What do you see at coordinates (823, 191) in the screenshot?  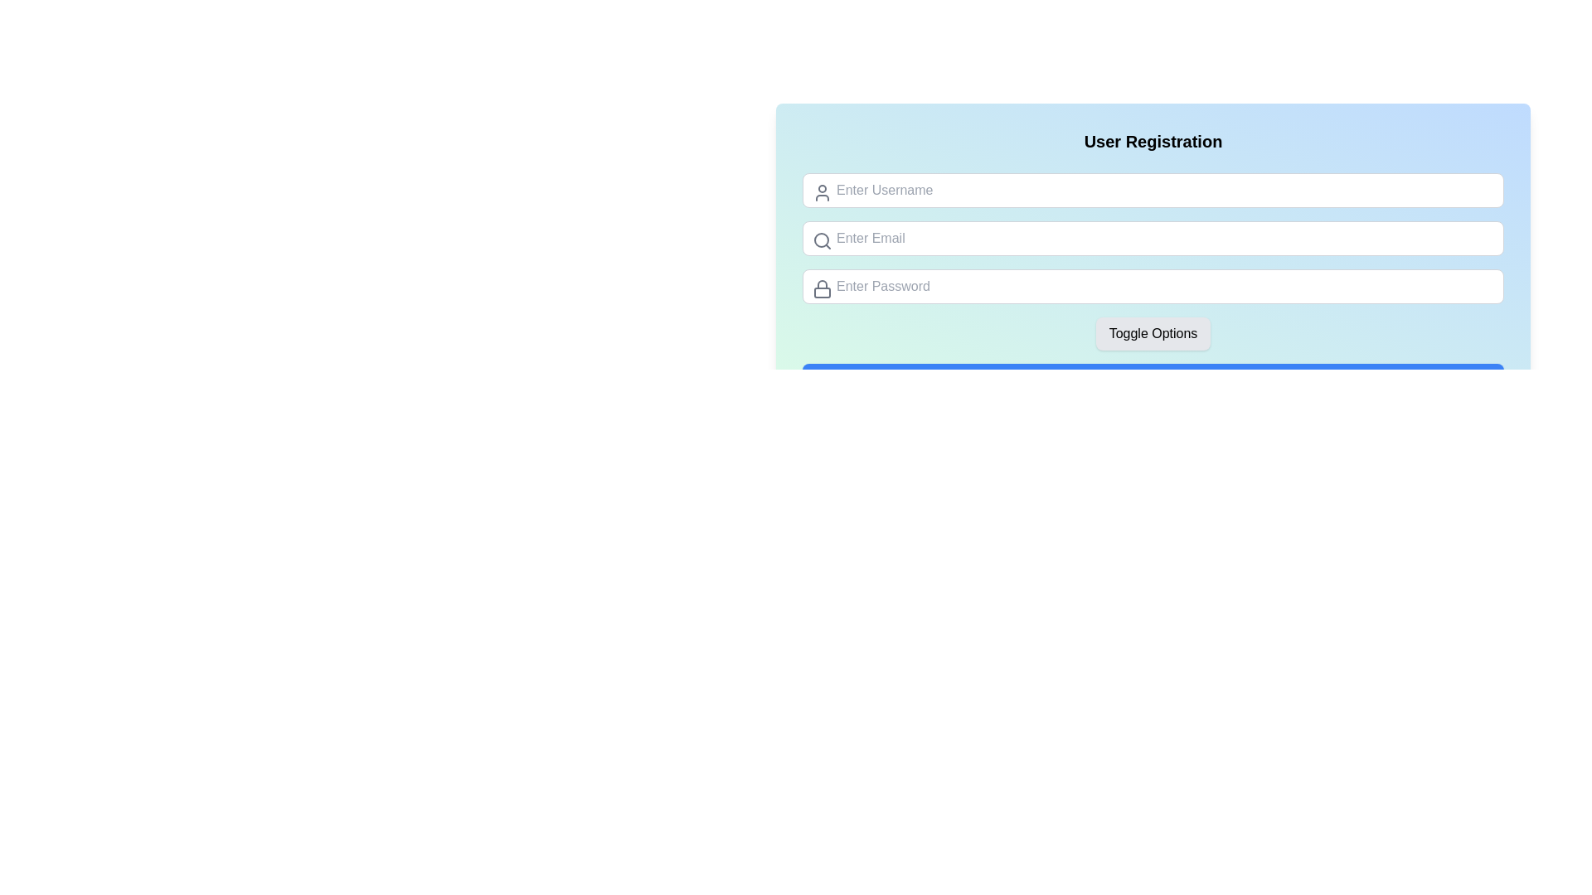 I see `the username icon located to the left of the 'Enter Username' input field in the top-left corner of the input field` at bounding box center [823, 191].